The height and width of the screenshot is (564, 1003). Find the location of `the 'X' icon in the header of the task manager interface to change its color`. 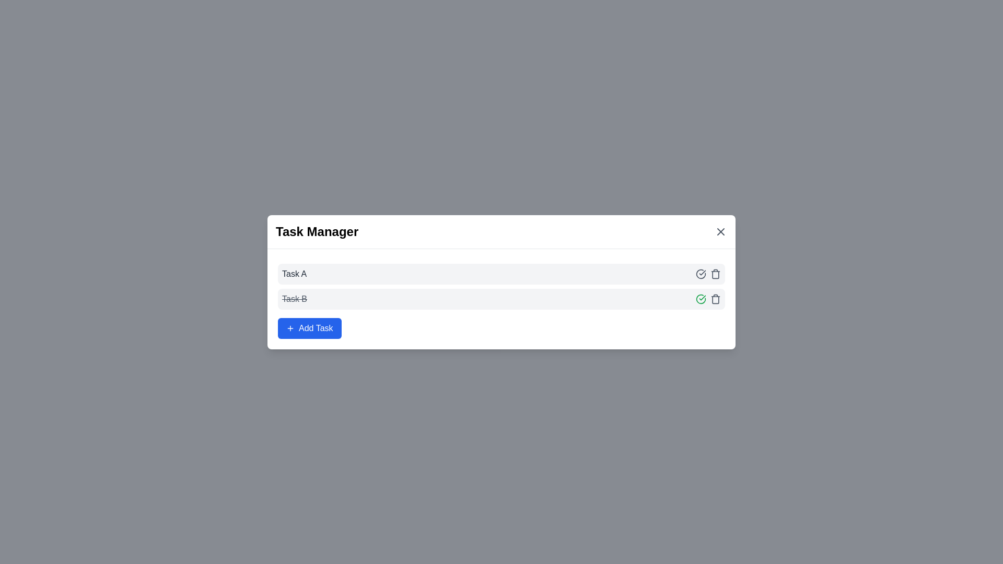

the 'X' icon in the header of the task manager interface to change its color is located at coordinates (720, 231).